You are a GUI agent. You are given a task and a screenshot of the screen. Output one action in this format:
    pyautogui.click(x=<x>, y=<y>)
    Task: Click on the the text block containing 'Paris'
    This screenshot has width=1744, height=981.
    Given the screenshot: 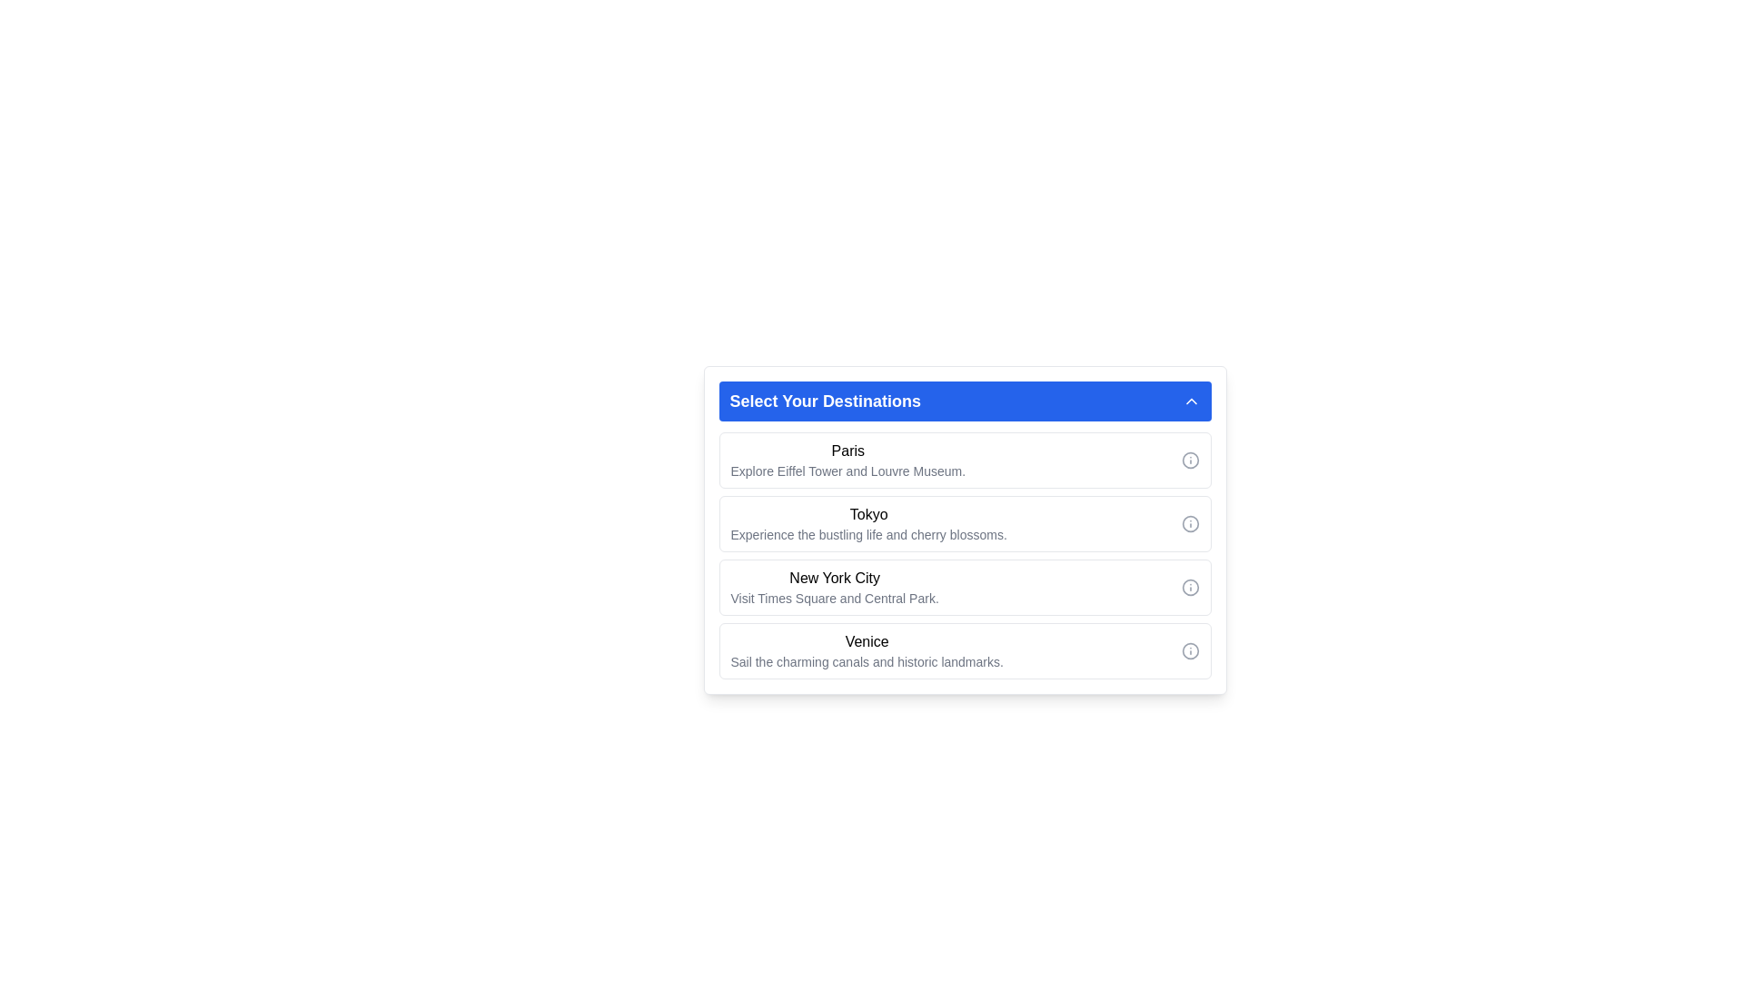 What is the action you would take?
    pyautogui.click(x=847, y=459)
    